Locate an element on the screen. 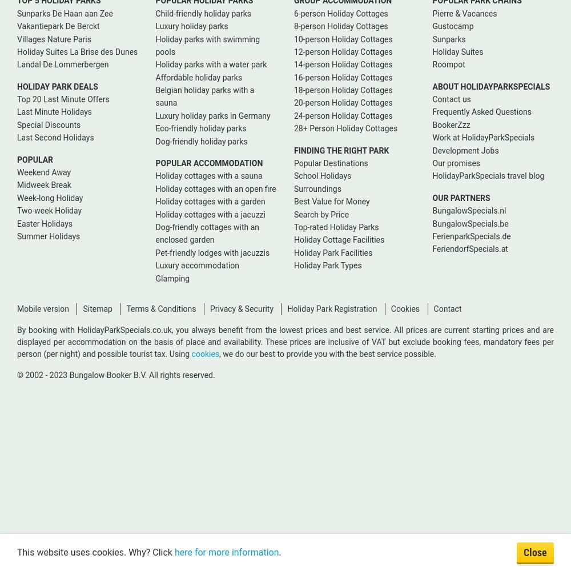 The height and width of the screenshot is (571, 571). '© 2002 - 2023 Bungalow Booker B.V.  All rights reserved.' is located at coordinates (115, 375).